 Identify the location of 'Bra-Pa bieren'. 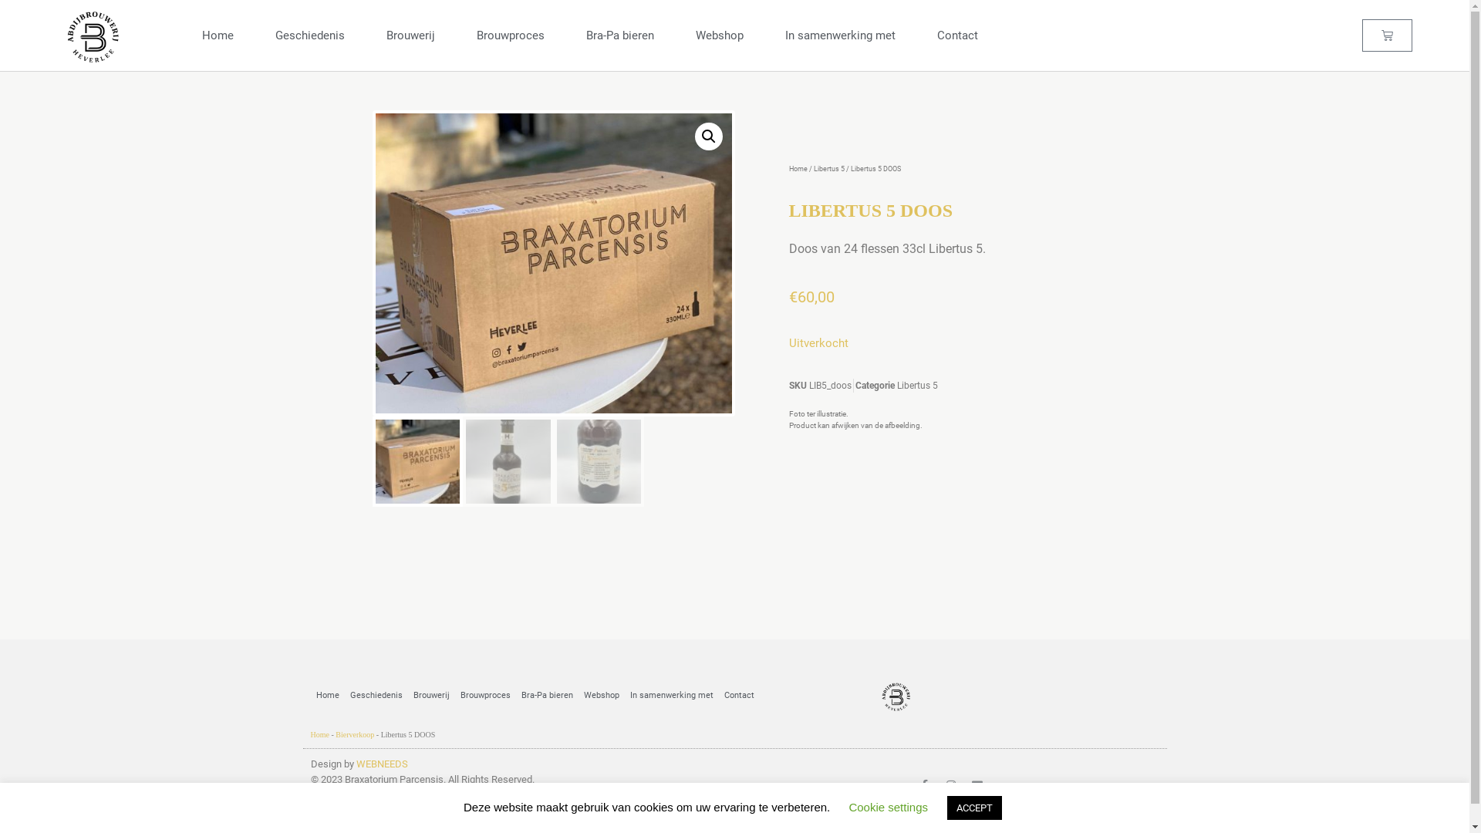
(514, 696).